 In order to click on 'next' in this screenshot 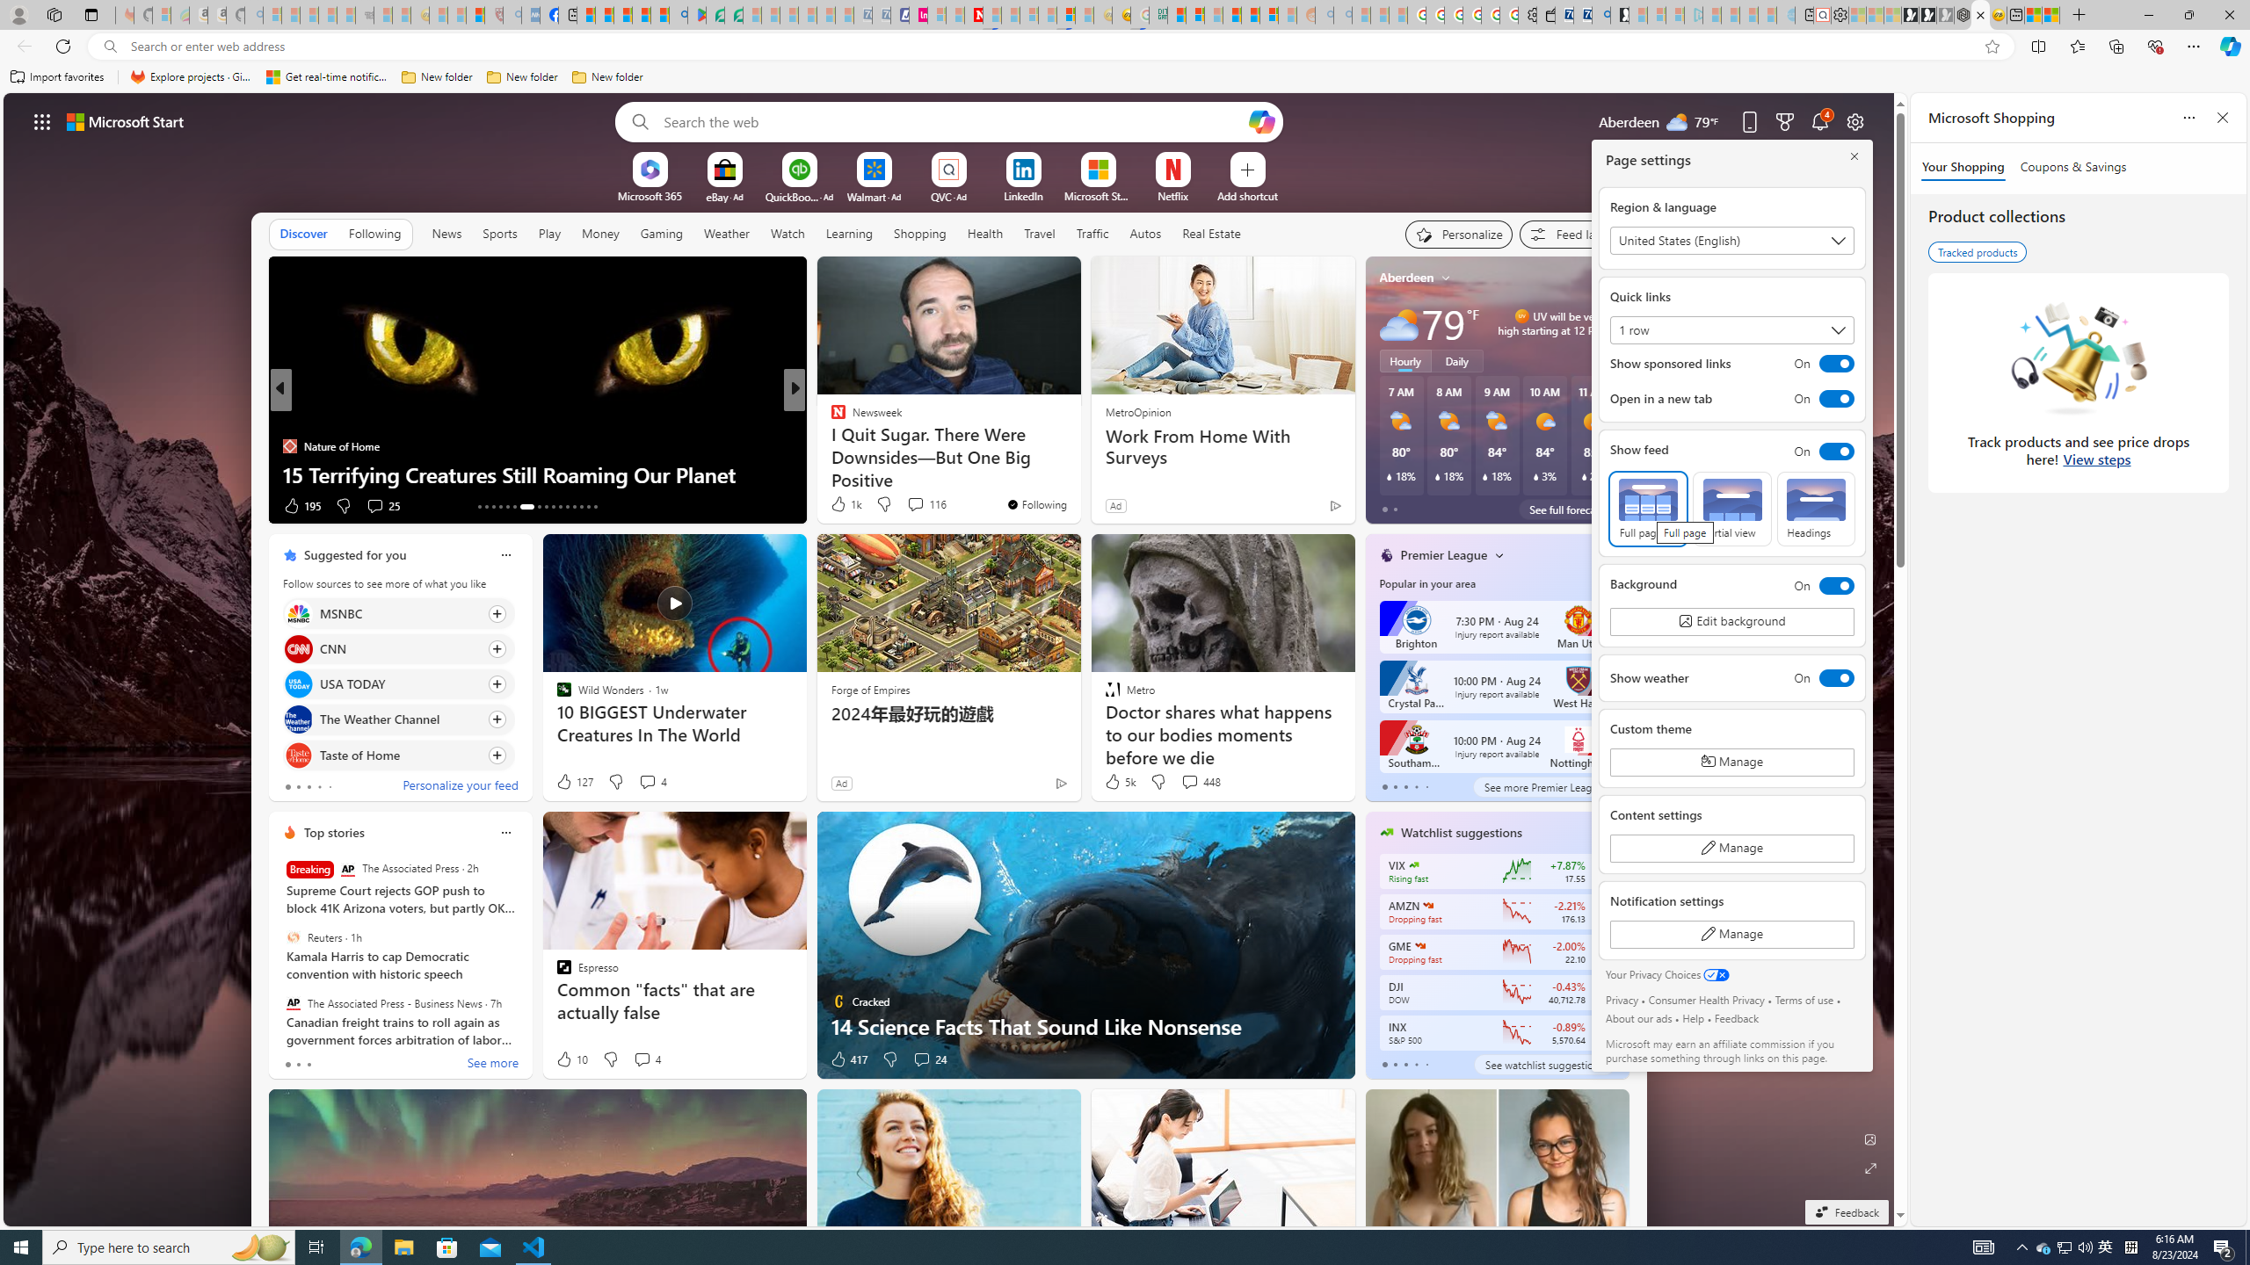, I will do `click(1619, 389)`.